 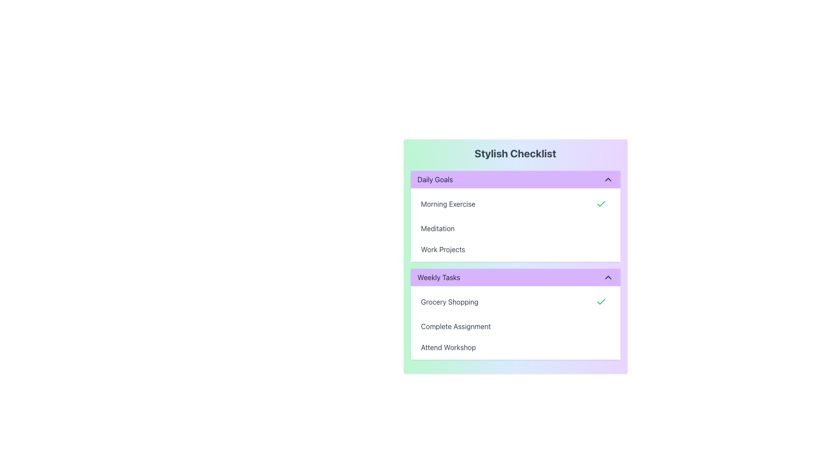 I want to click on the text label displaying 'Attend Workshop' in the 'Weekly Tasks' section of the 'Stylish Checklist' interface, so click(x=448, y=347).